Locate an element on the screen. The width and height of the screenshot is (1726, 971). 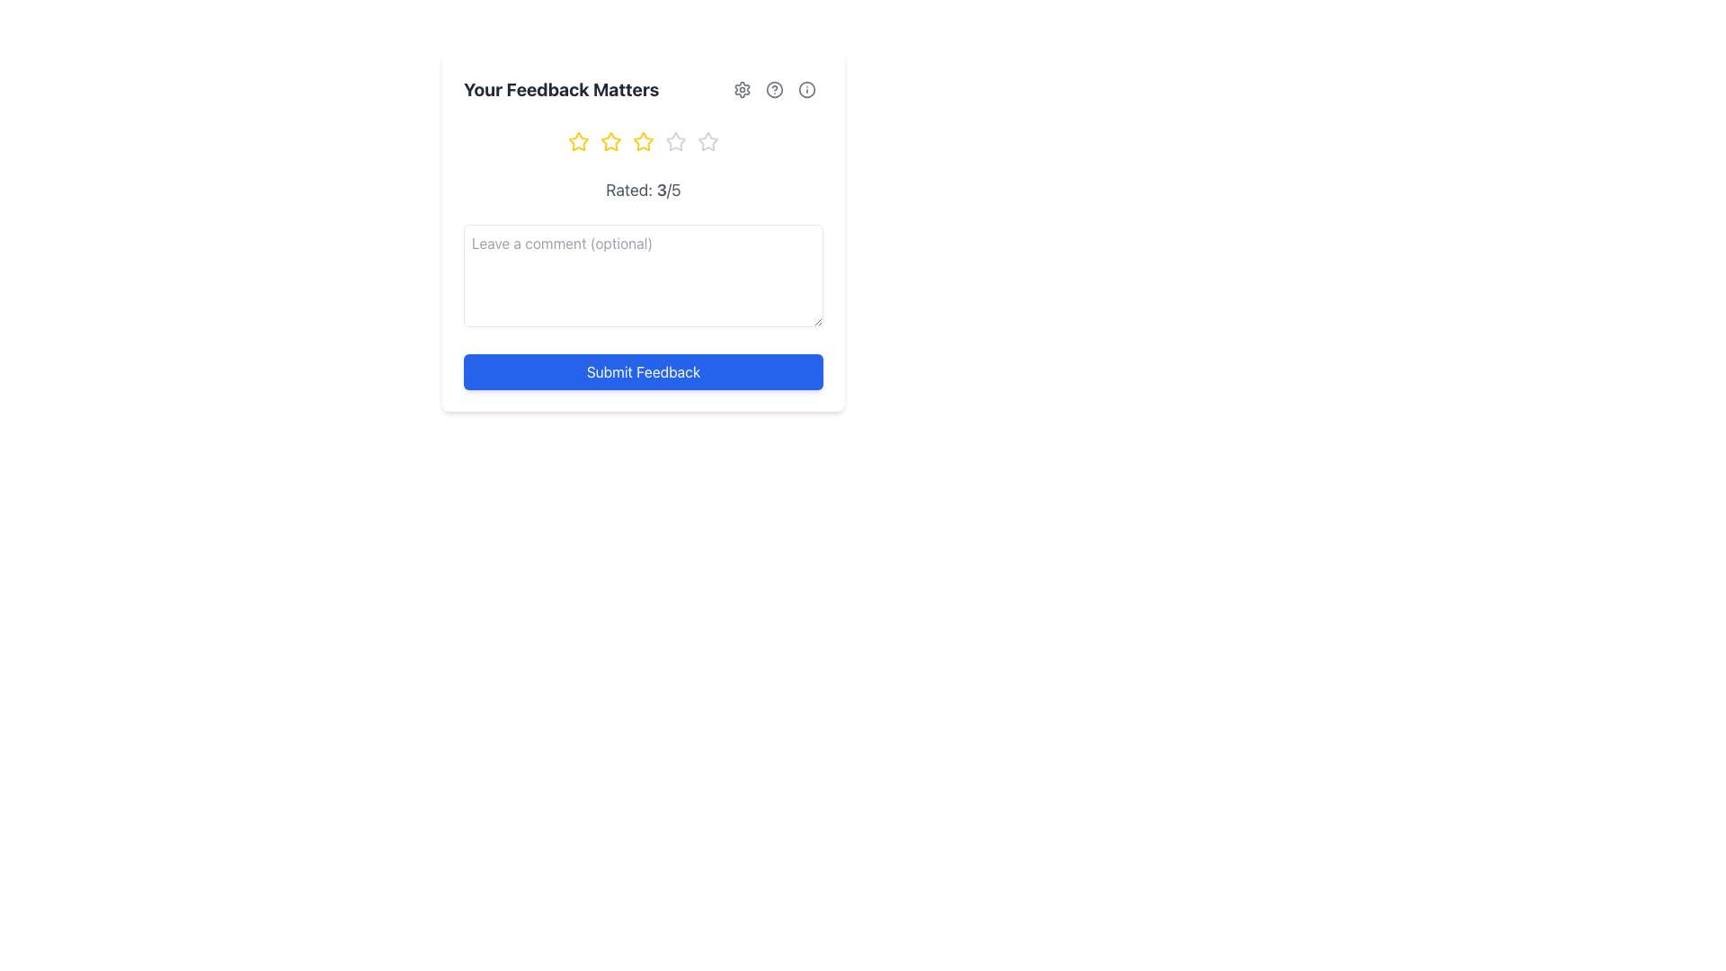
text from the heading Text Label located at the top of the feedback form interface is located at coordinates (560, 90).